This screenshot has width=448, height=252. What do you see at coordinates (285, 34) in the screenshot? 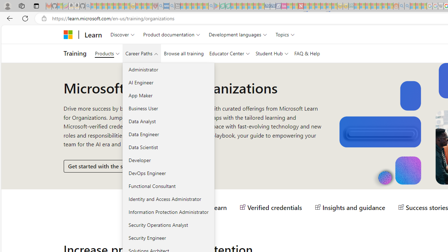
I see `'Topics'` at bounding box center [285, 34].